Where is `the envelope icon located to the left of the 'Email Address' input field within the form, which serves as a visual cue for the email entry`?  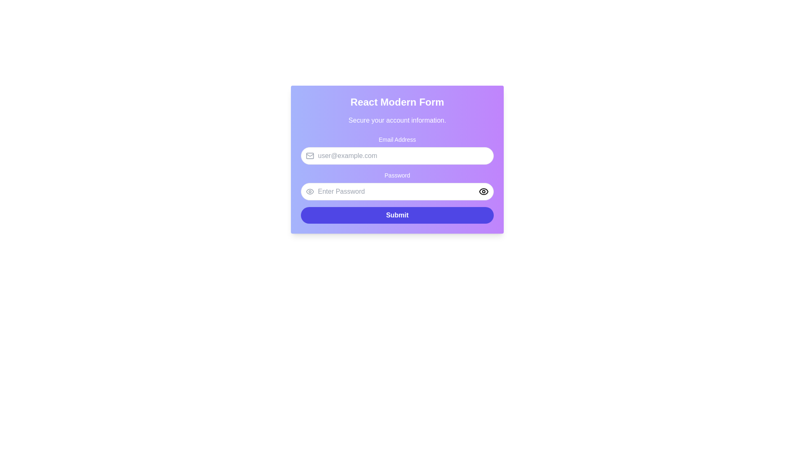 the envelope icon located to the left of the 'Email Address' input field within the form, which serves as a visual cue for the email entry is located at coordinates (309, 155).